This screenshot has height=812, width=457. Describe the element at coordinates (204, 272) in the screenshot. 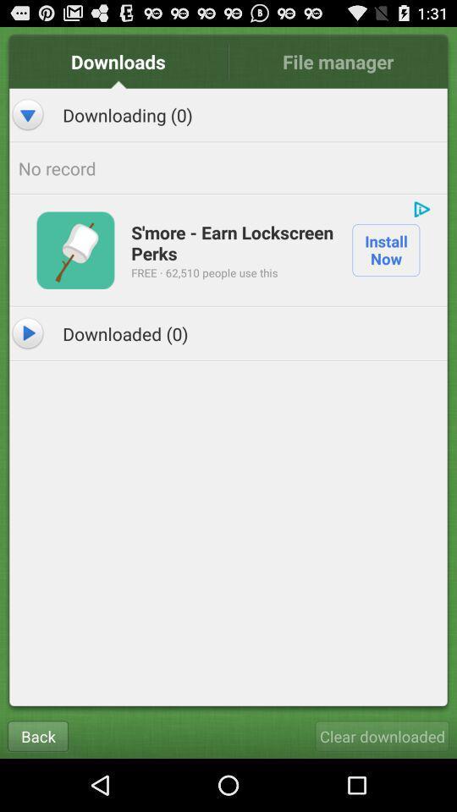

I see `item next to install now app` at that location.